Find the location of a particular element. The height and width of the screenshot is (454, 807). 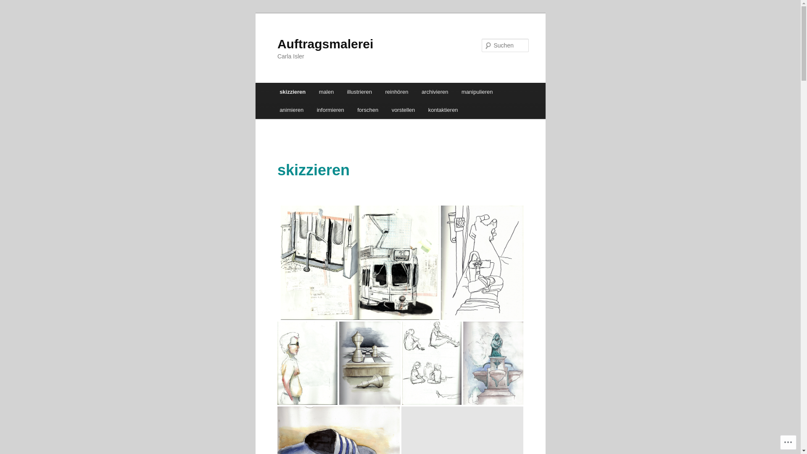

'skizzieren' is located at coordinates (272, 92).